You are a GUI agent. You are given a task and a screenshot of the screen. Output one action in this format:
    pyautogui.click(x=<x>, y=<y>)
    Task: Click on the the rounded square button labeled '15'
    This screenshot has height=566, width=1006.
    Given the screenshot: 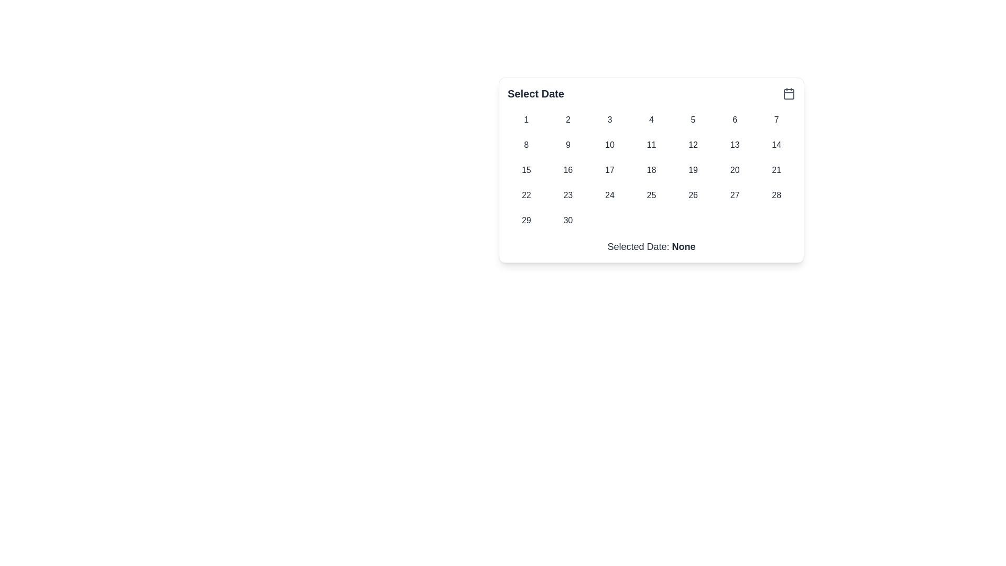 What is the action you would take?
    pyautogui.click(x=526, y=169)
    